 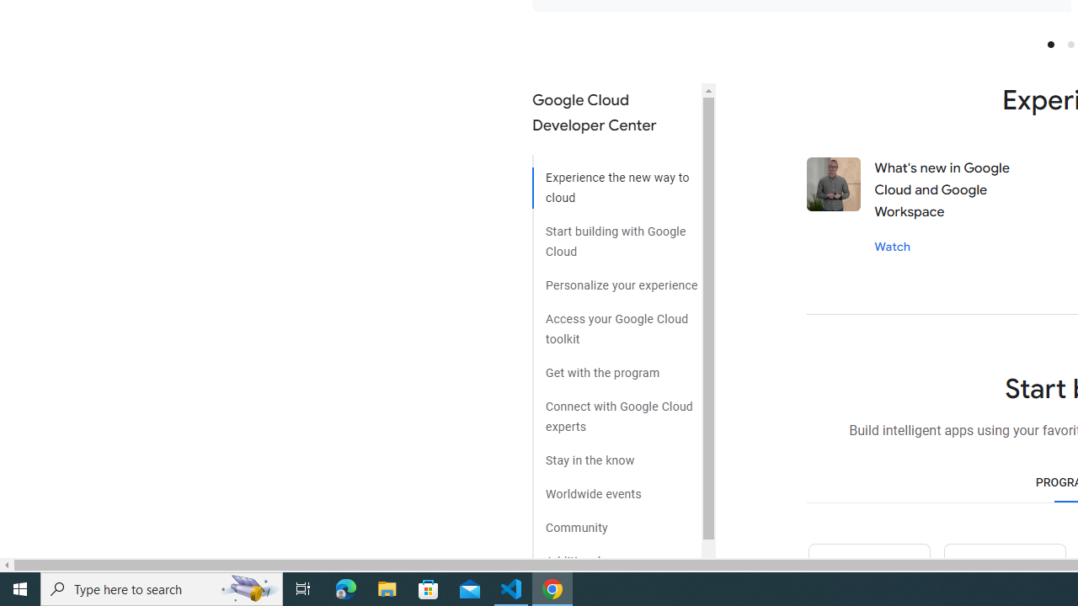 I want to click on 'Community', so click(x=616, y=520).